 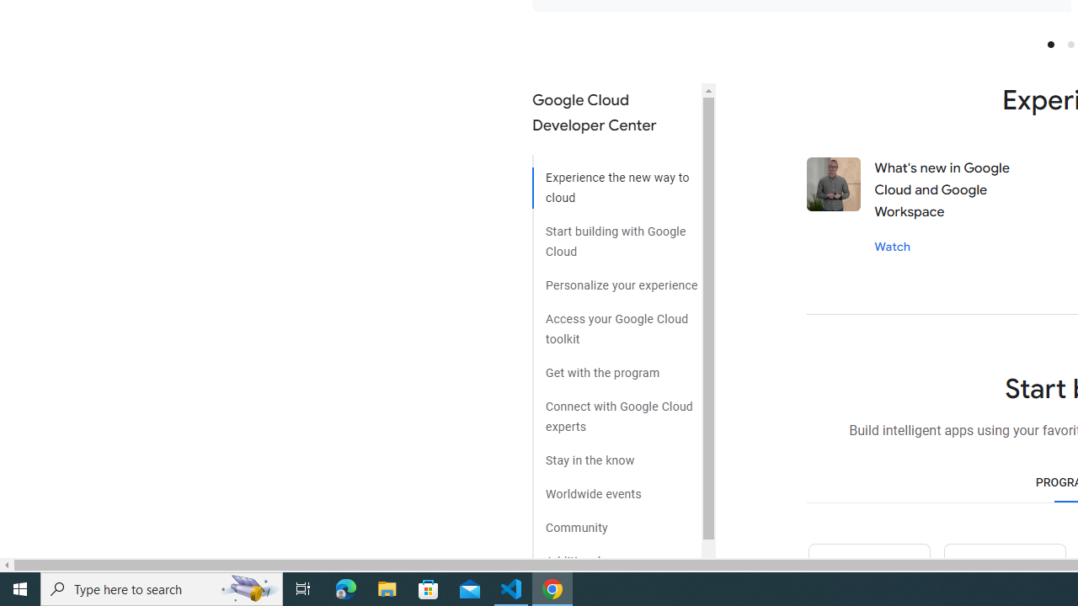 I want to click on 'Community', so click(x=616, y=520).